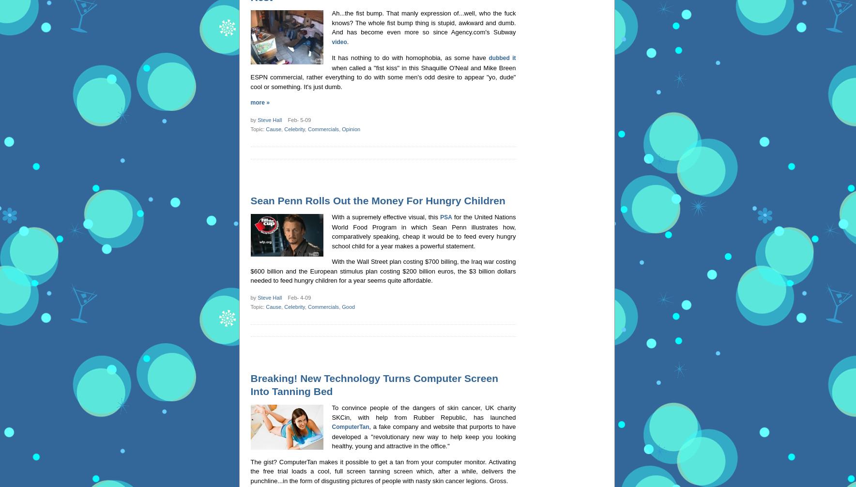 The width and height of the screenshot is (856, 487). I want to click on 'Feb- 4-09', so click(298, 297).